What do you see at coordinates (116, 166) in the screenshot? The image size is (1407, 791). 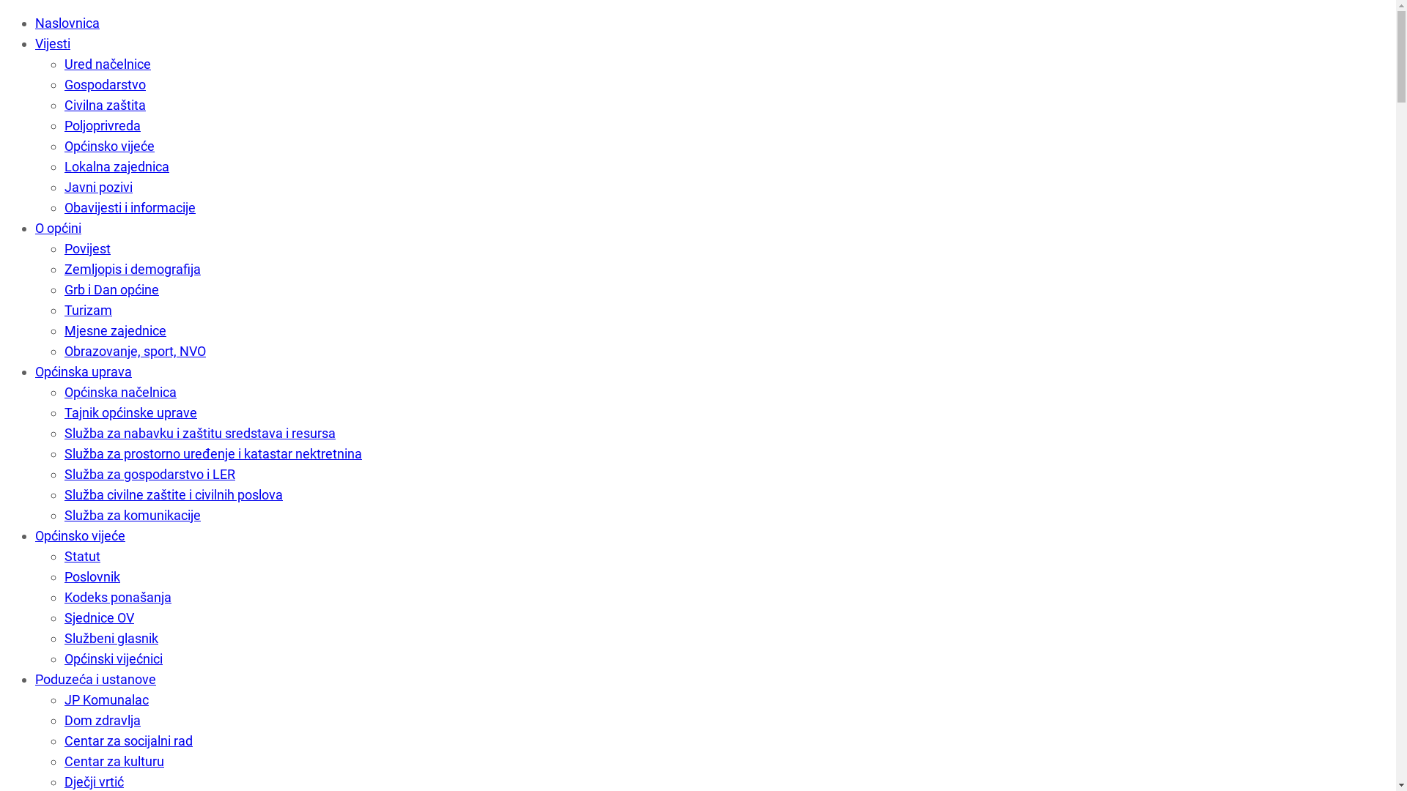 I see `'Lokalna zajednica'` at bounding box center [116, 166].